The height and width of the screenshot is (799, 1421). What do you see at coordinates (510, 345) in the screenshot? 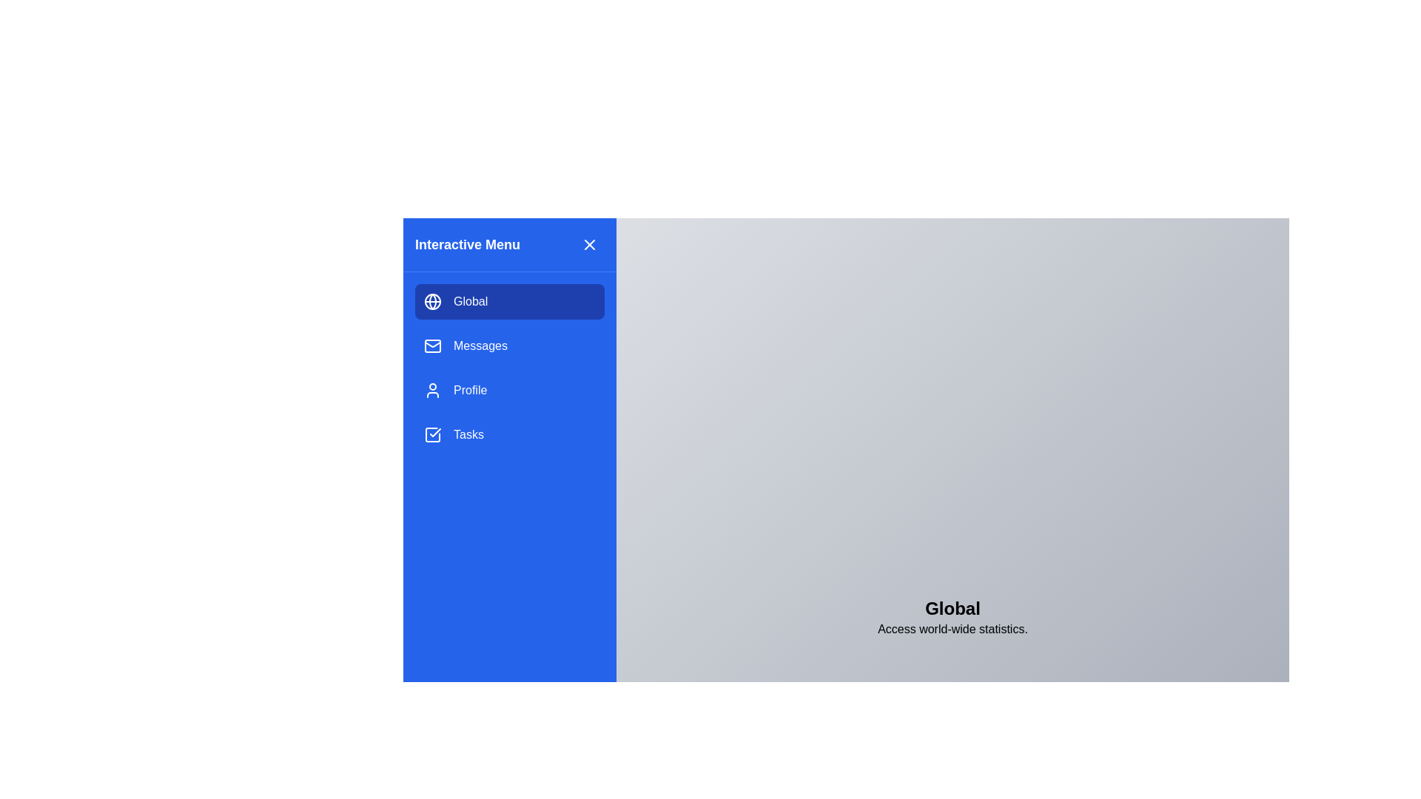
I see `the 'Messages' button located in the blue sidebar menu, which is the second item below 'Global' and above 'Profile'` at bounding box center [510, 345].